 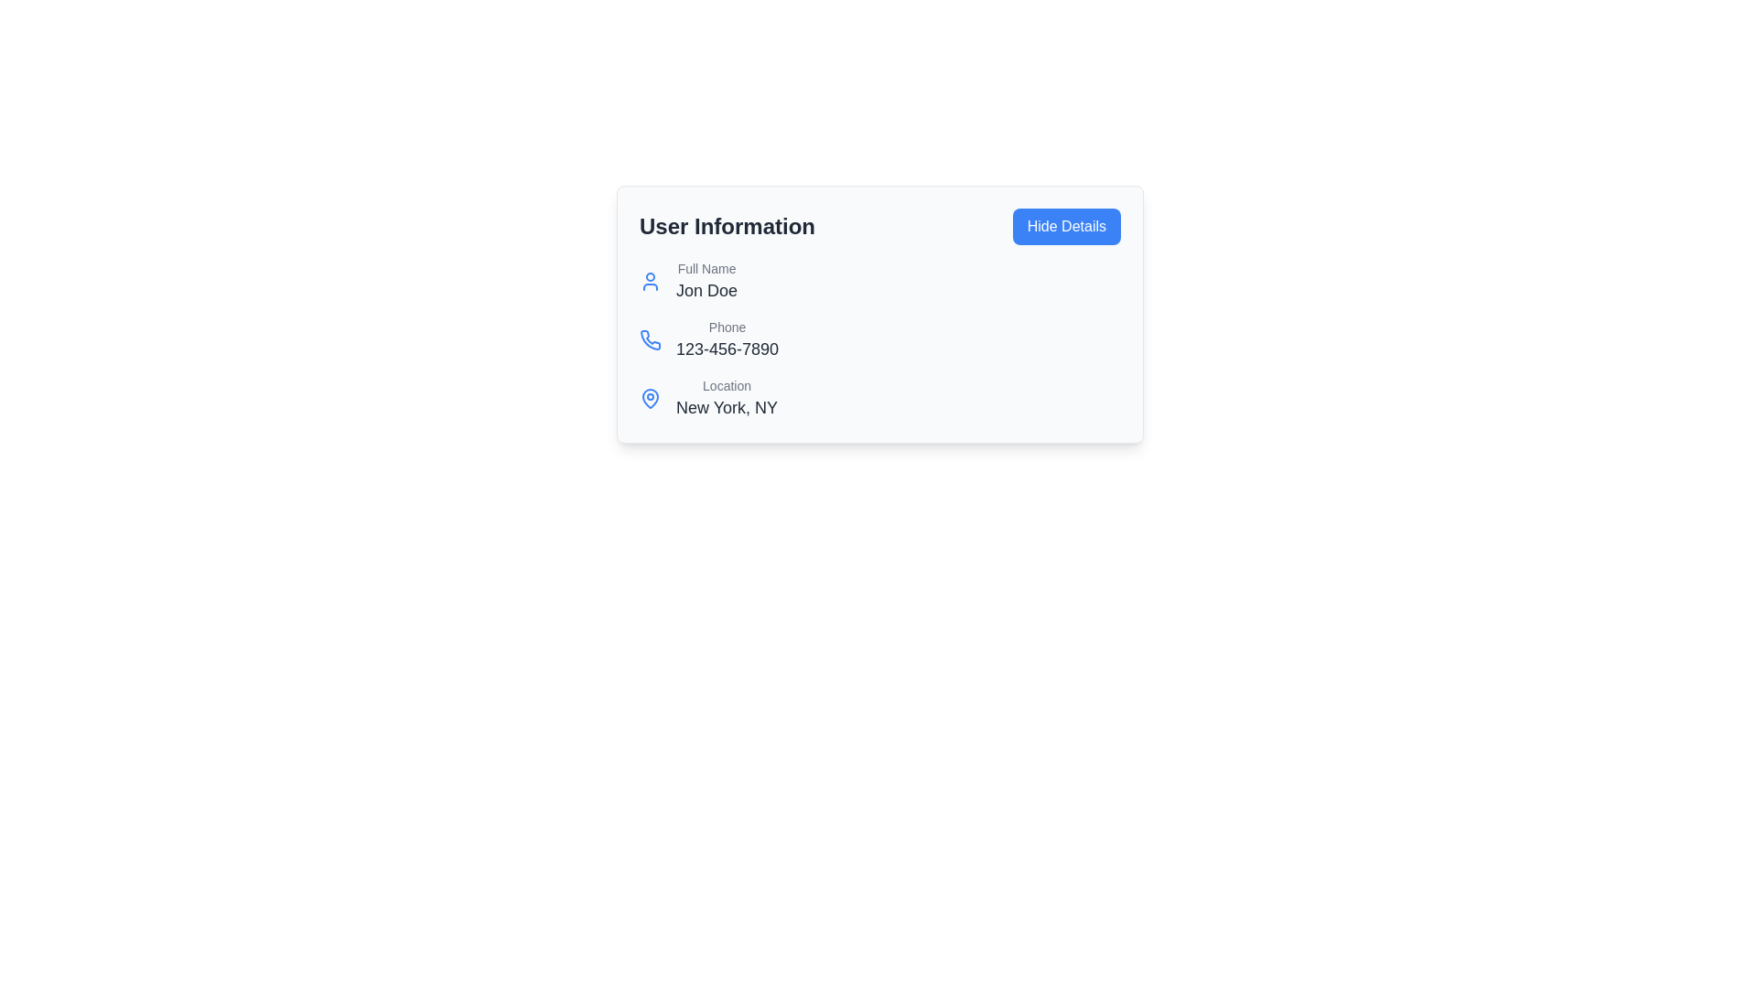 I want to click on the text label-value pair displaying the user's full name, located in the upper middle section of a card layout, directly below the user icon and above the phone number field, so click(x=706, y=282).